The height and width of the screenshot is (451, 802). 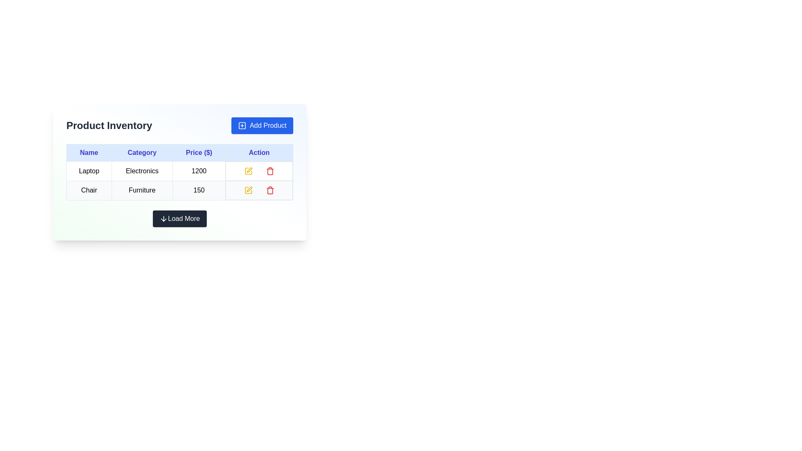 I want to click on the 'Price' column header cell, which serves as a label for the prices in the table, located in the third column from the left, so click(x=198, y=153).